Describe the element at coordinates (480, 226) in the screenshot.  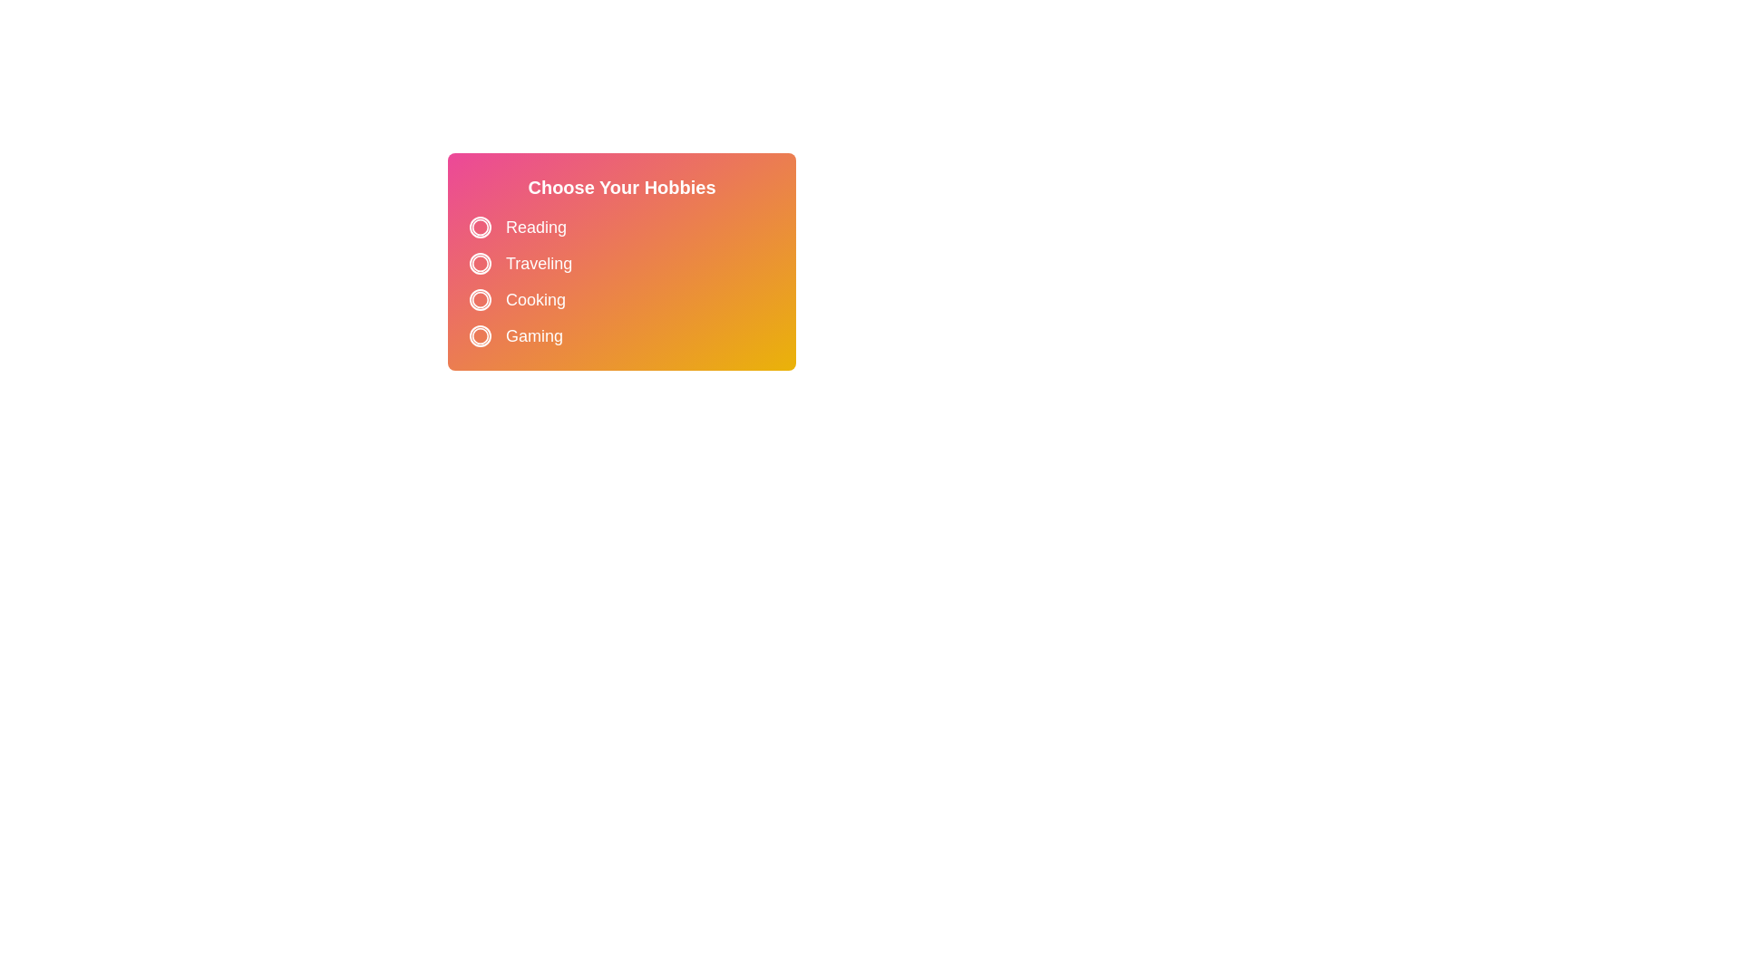
I see `the circle button corresponding to the hobby Reading` at that location.